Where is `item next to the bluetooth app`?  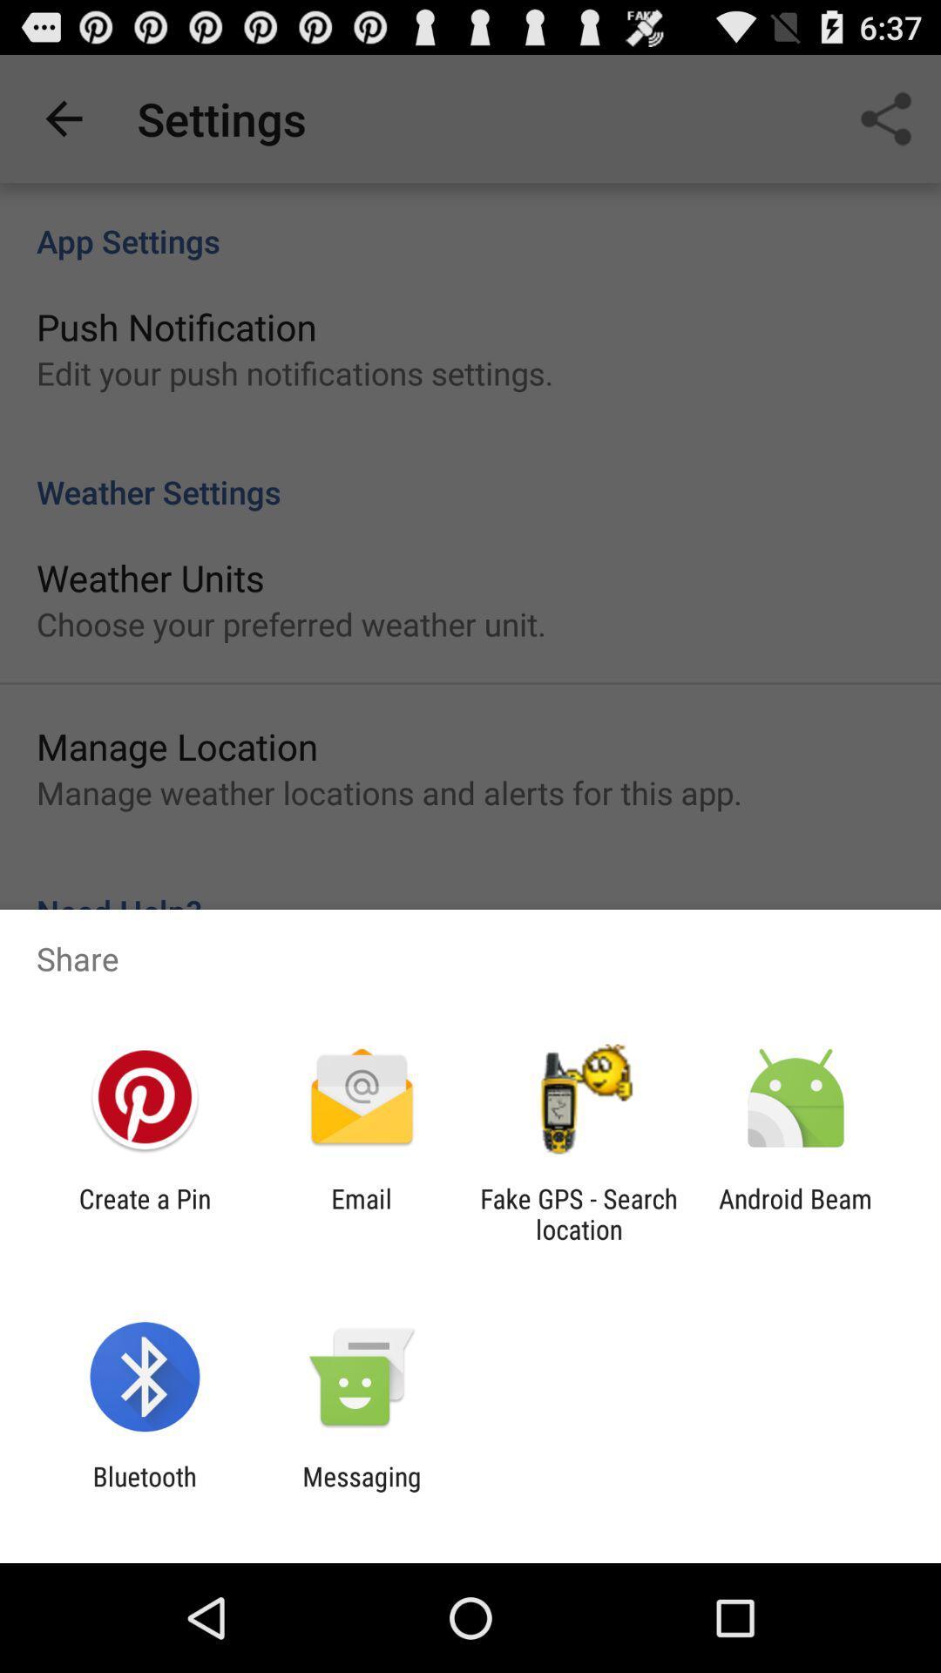
item next to the bluetooth app is located at coordinates (361, 1491).